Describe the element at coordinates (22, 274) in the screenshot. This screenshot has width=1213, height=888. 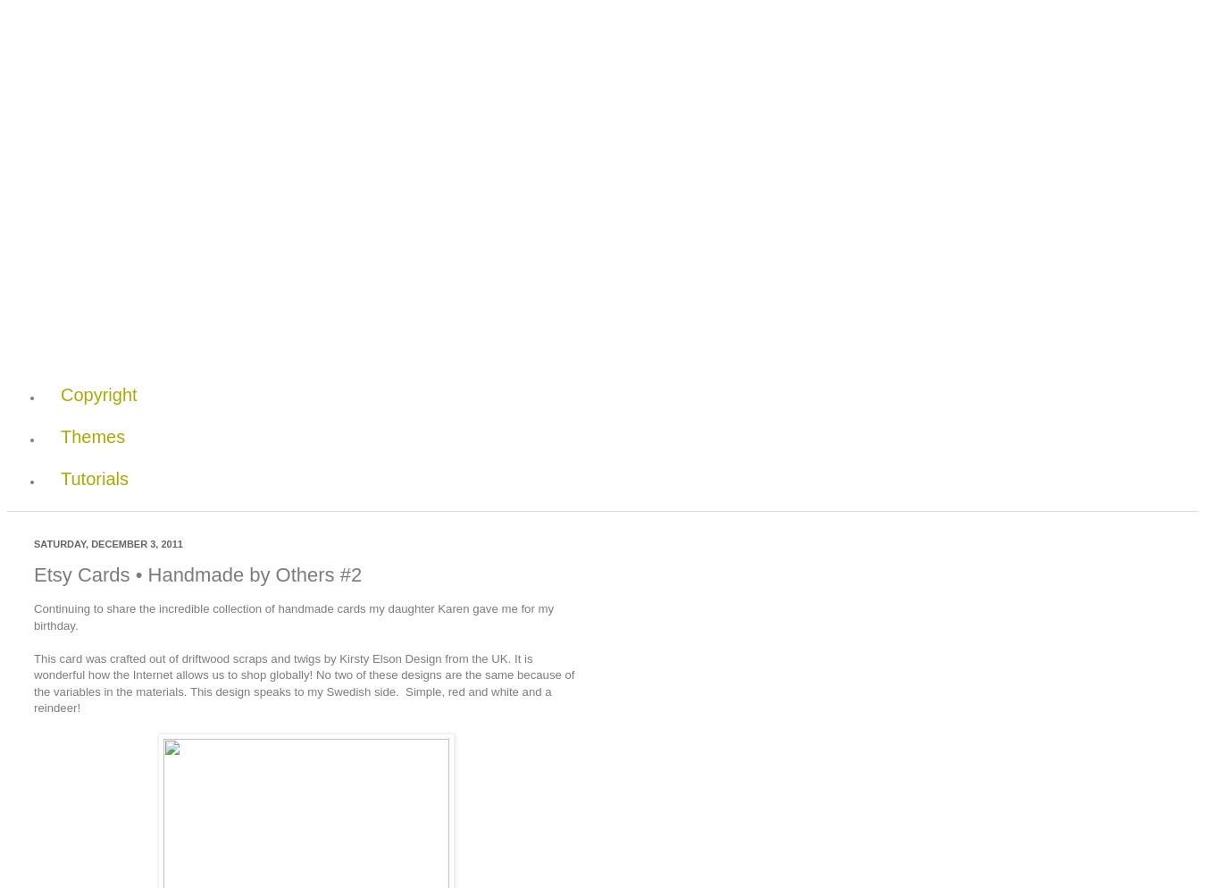
I see `'Pages'` at that location.